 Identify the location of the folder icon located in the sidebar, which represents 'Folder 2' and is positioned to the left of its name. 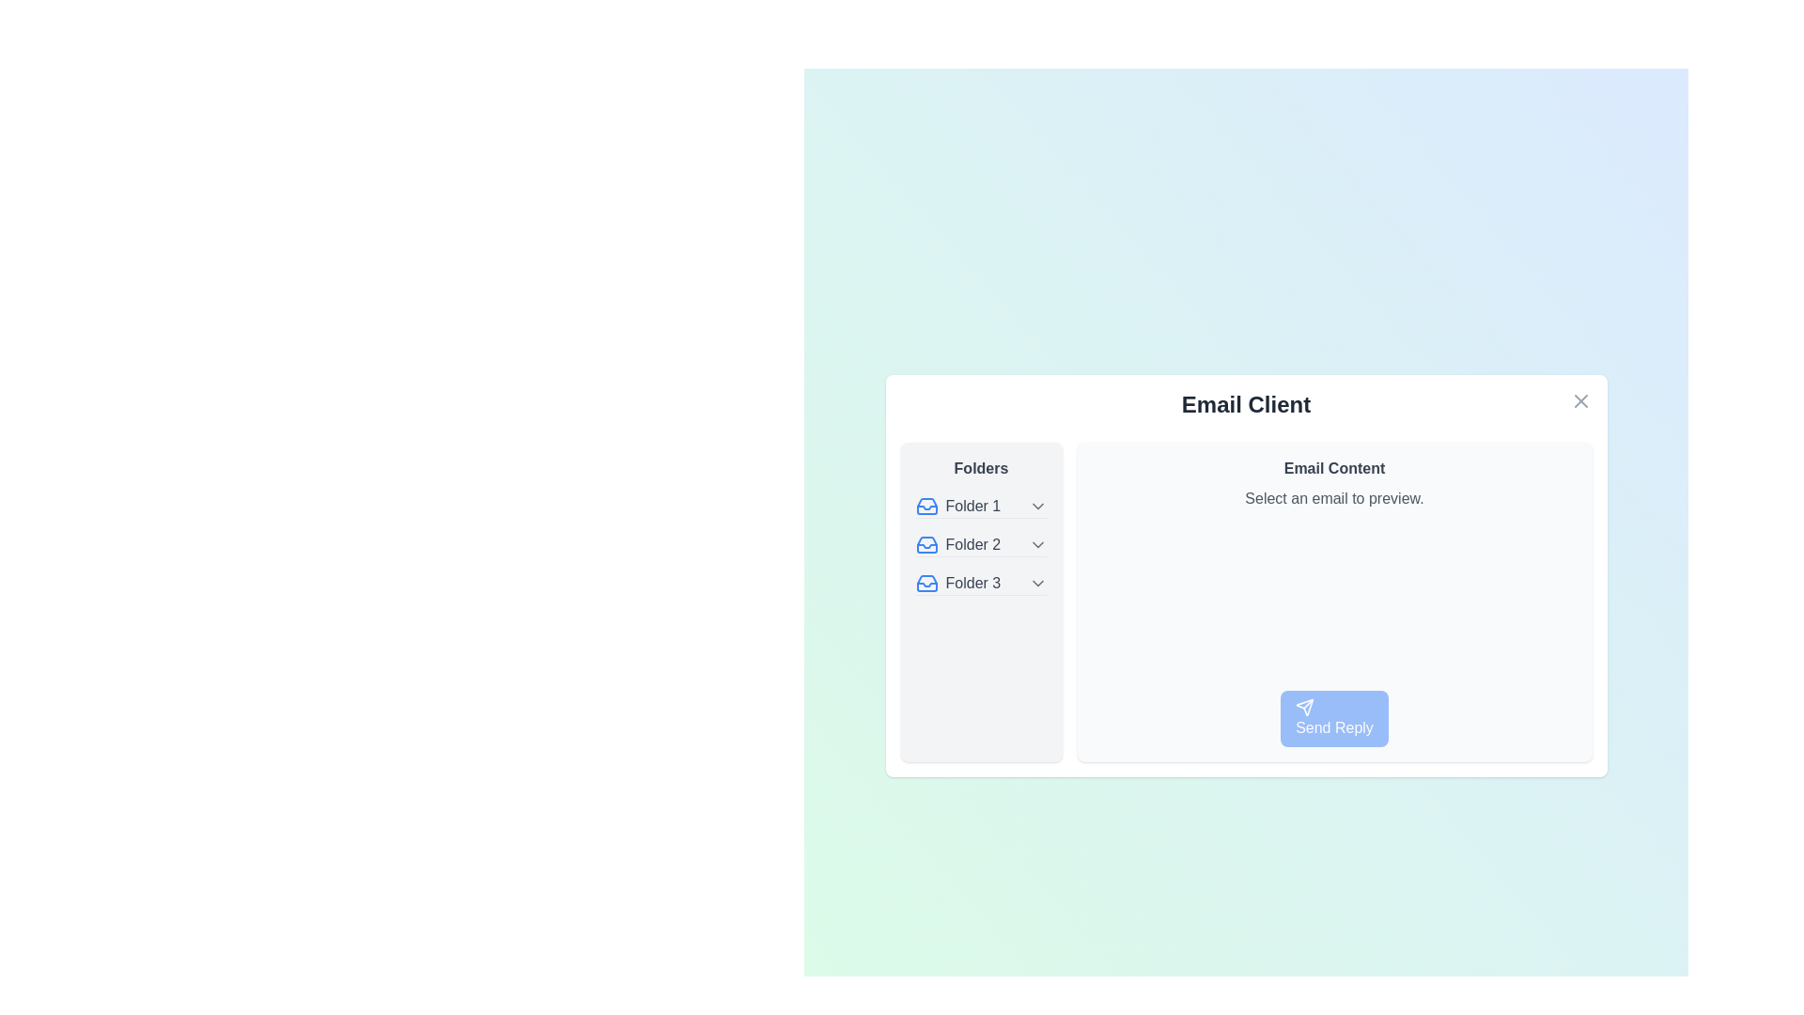
(926, 544).